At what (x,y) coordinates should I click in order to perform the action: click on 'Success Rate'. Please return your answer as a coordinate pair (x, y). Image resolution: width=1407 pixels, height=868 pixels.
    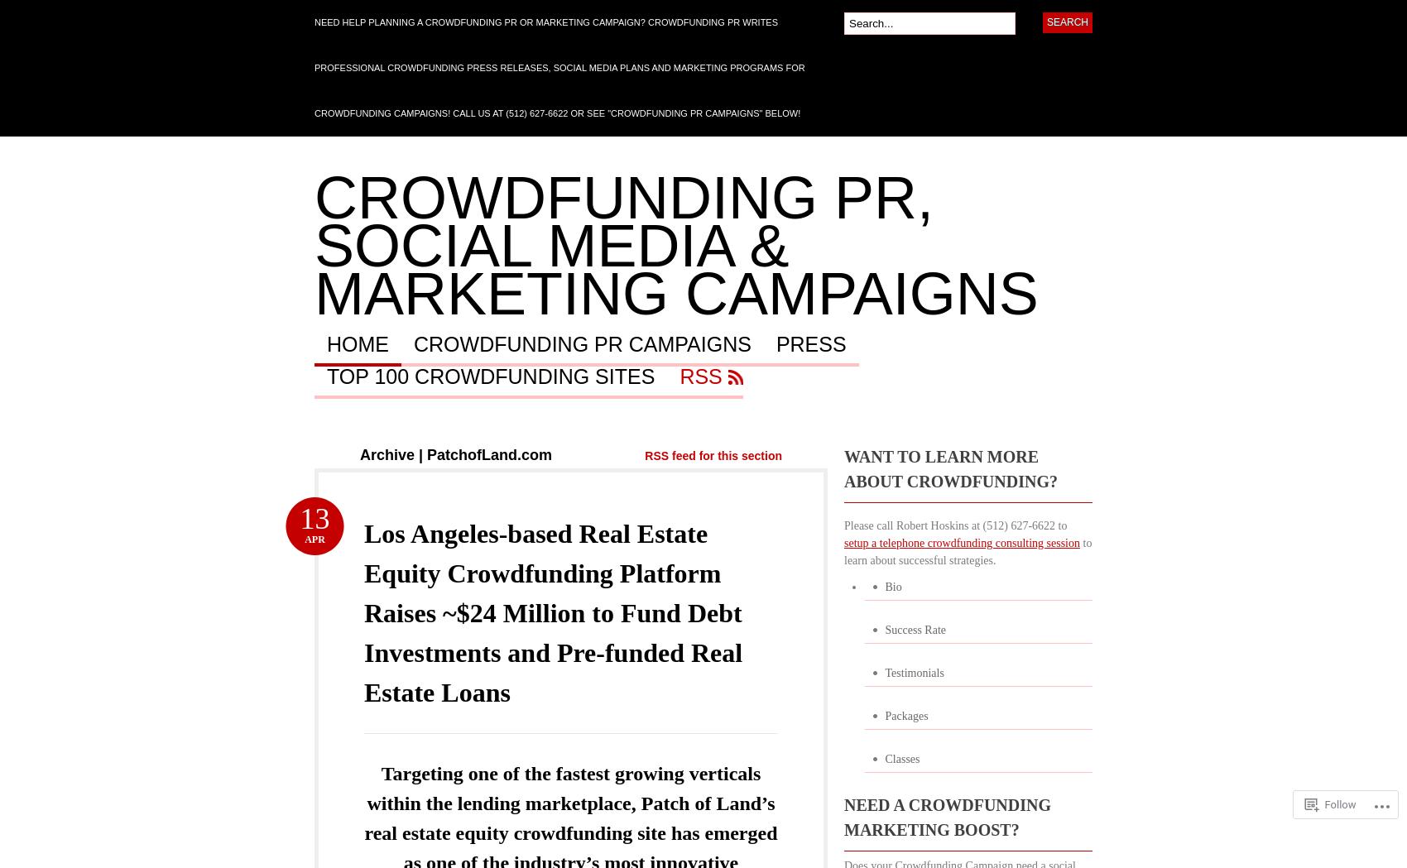
    Looking at the image, I should click on (915, 629).